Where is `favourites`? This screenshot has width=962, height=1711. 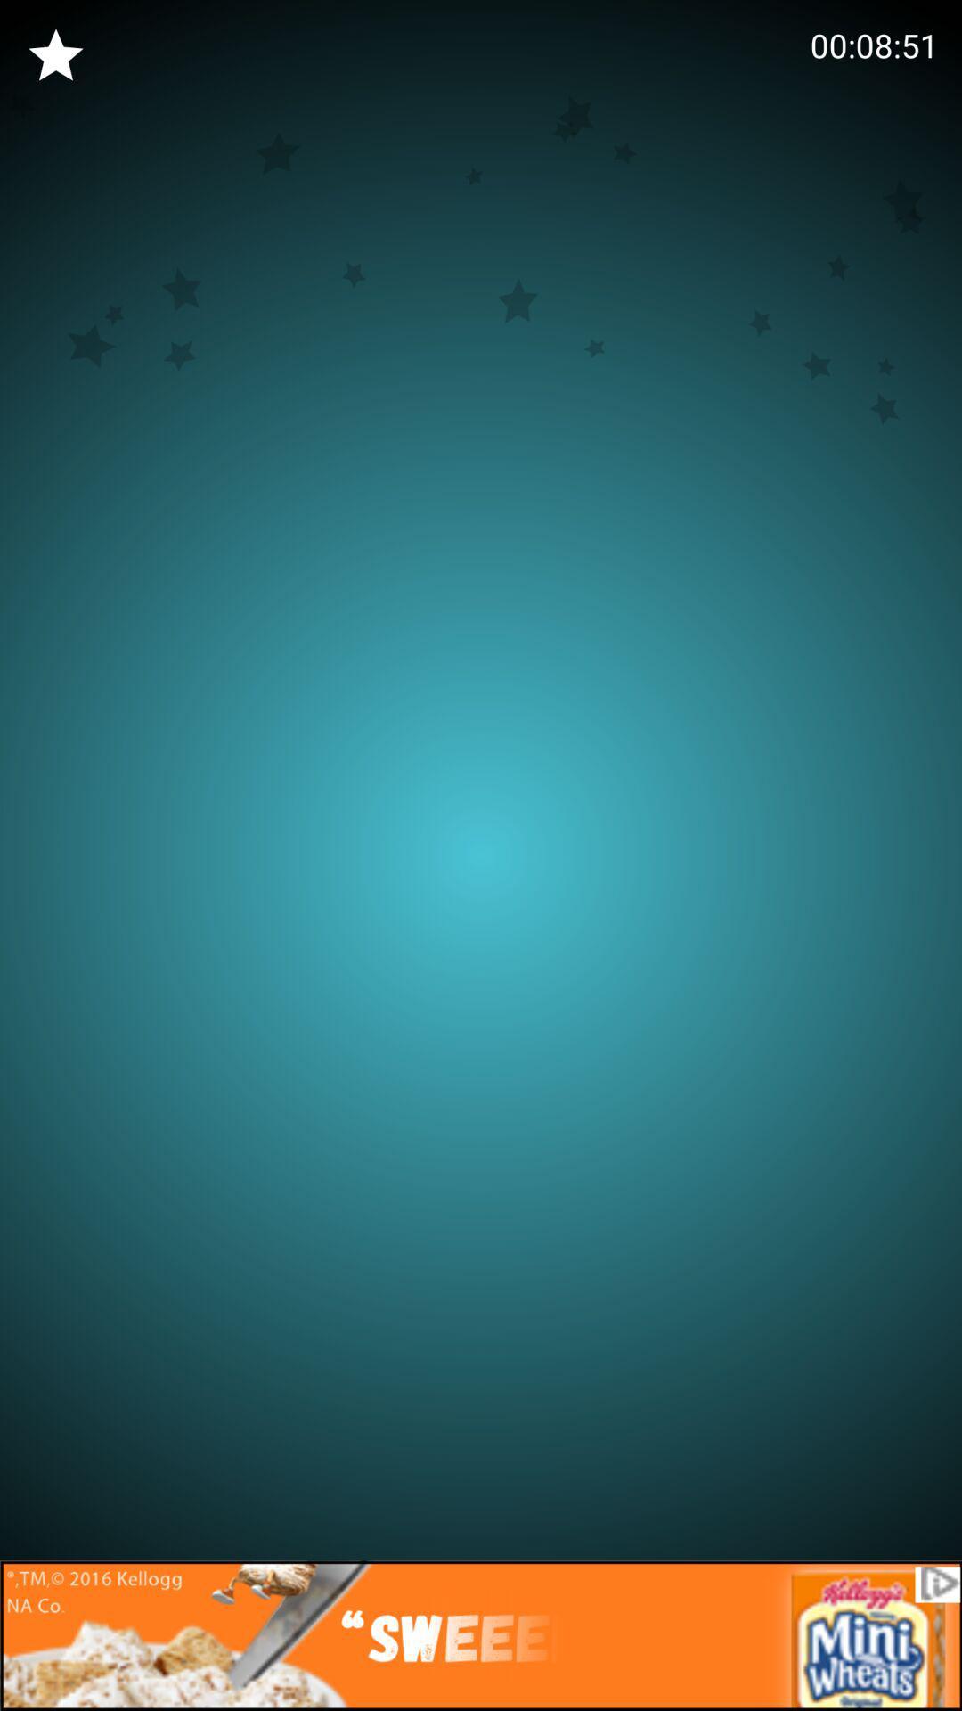 favourites is located at coordinates (54, 55).